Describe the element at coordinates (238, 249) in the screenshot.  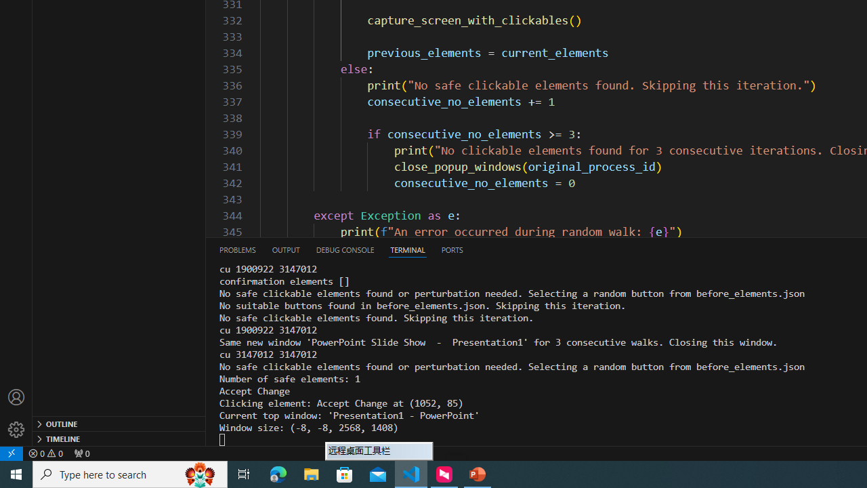
I see `'Problems (Ctrl+Shift+M)'` at that location.